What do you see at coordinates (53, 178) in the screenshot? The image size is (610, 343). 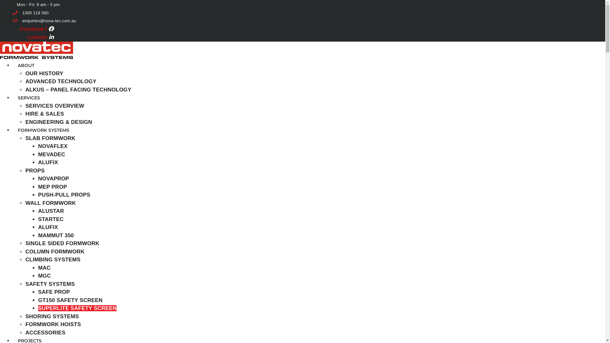 I see `'NOVAPROP'` at bounding box center [53, 178].